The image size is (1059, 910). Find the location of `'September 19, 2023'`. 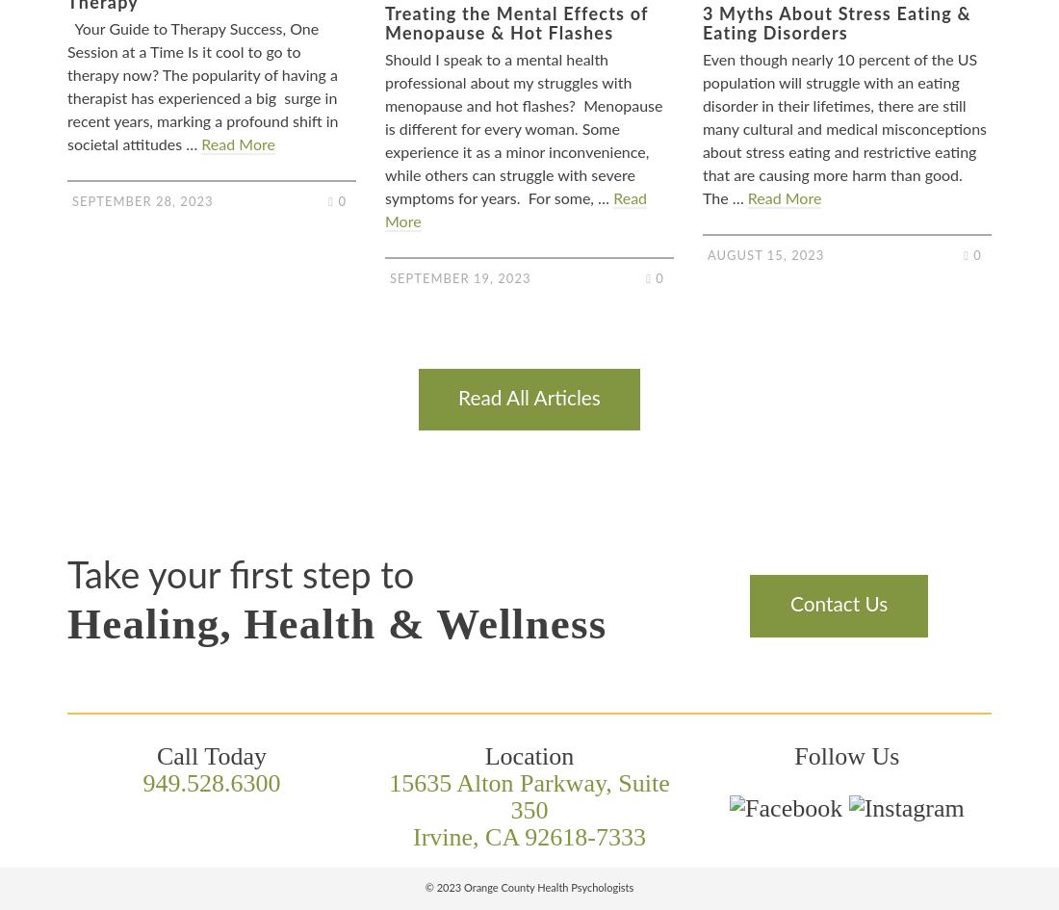

'September 19, 2023' is located at coordinates (389, 278).